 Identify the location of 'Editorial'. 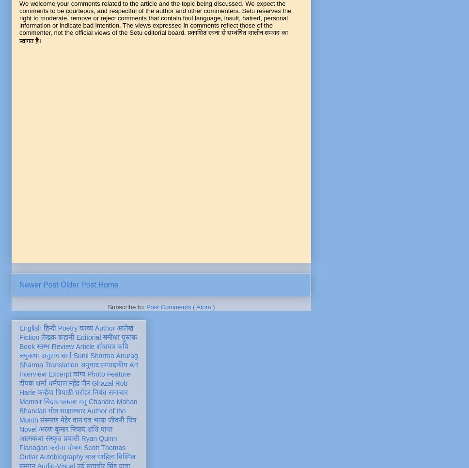
(88, 337).